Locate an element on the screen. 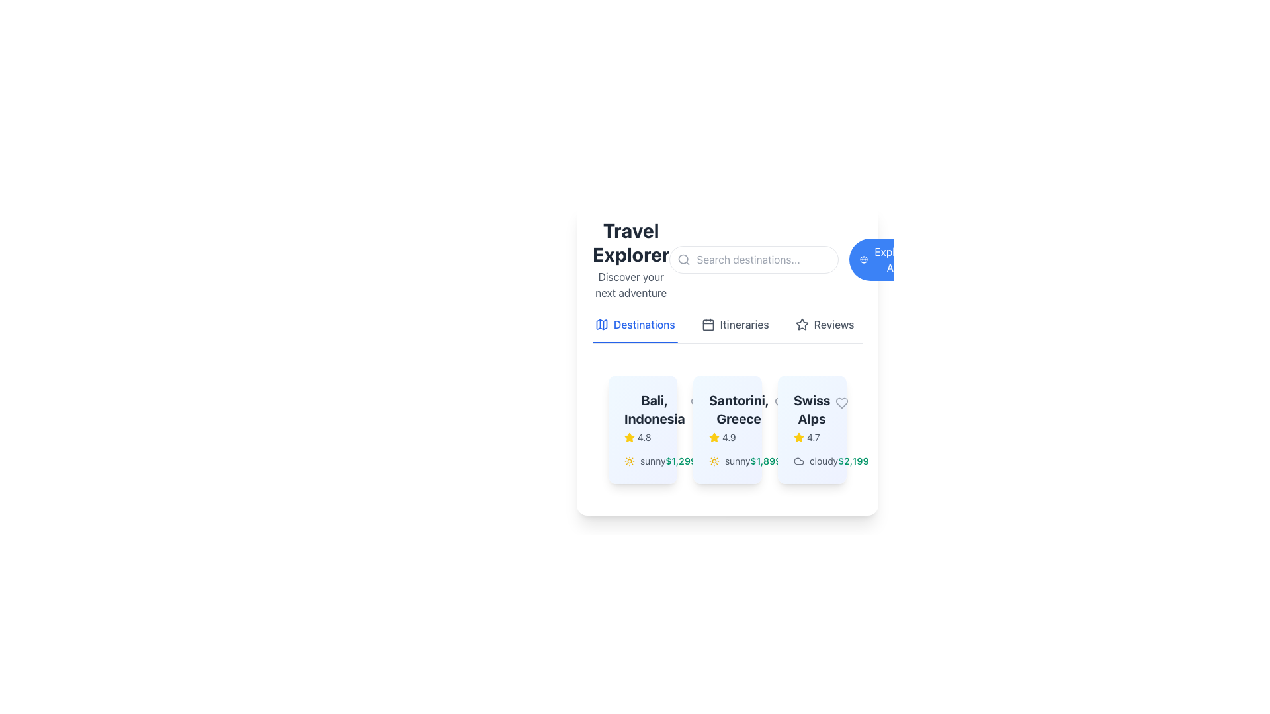 The image size is (1270, 714). the Text input field to focus it, which is located to the right of the 'Travel Explorer' title and the text 'Discover your next adventure' is located at coordinates (754, 260).